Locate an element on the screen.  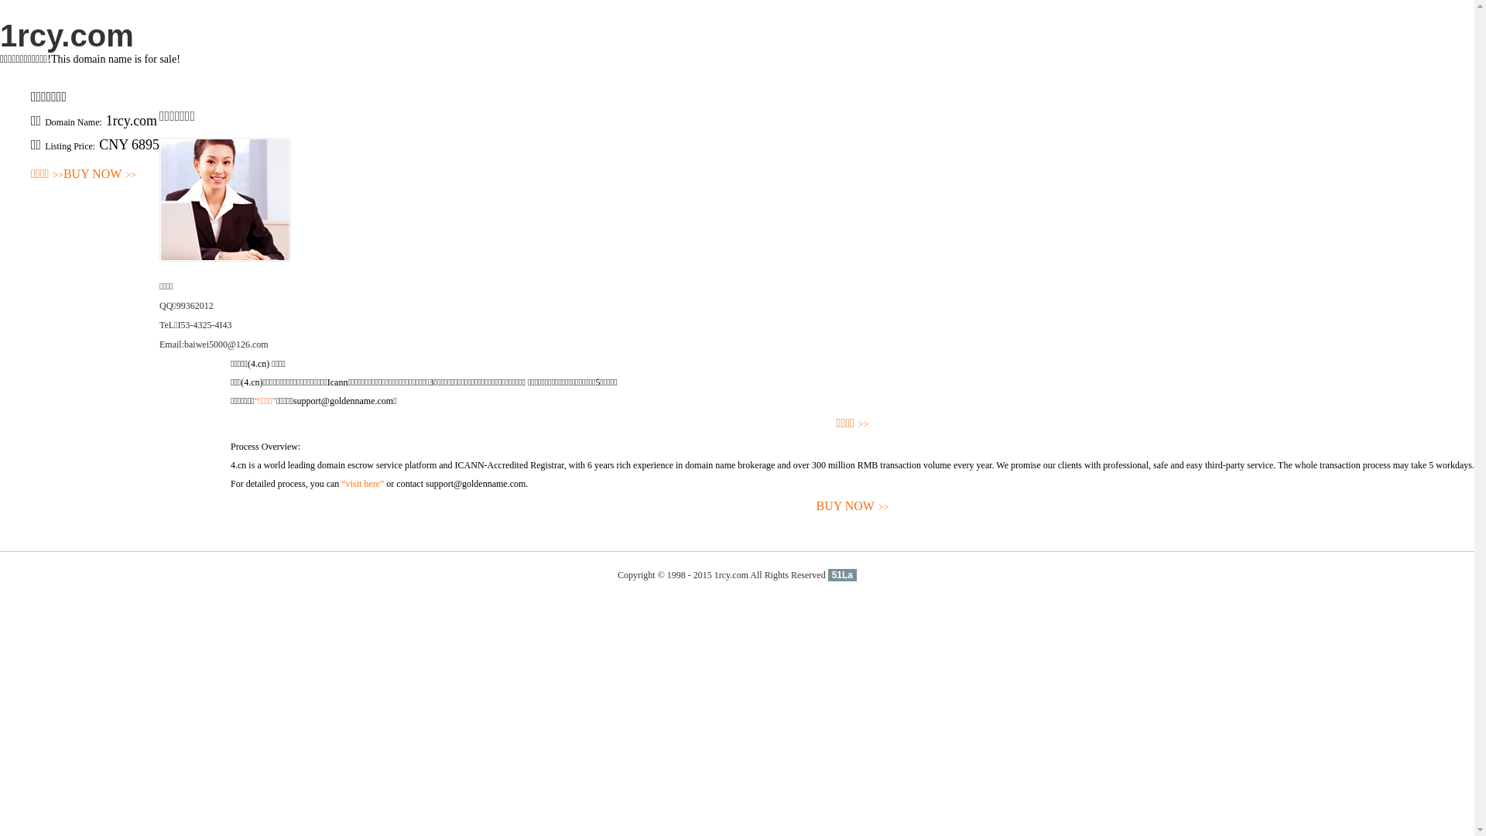
'BUY NOW>>' is located at coordinates (99, 174).